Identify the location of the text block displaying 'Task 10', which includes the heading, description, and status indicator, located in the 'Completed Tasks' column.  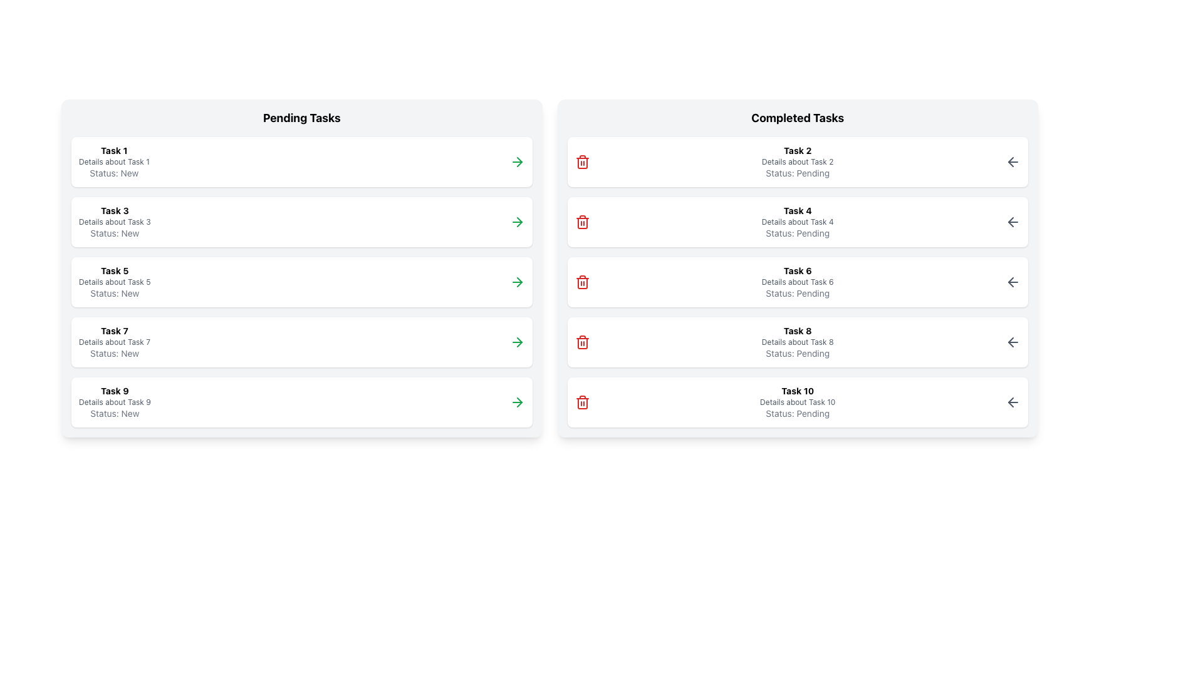
(797, 402).